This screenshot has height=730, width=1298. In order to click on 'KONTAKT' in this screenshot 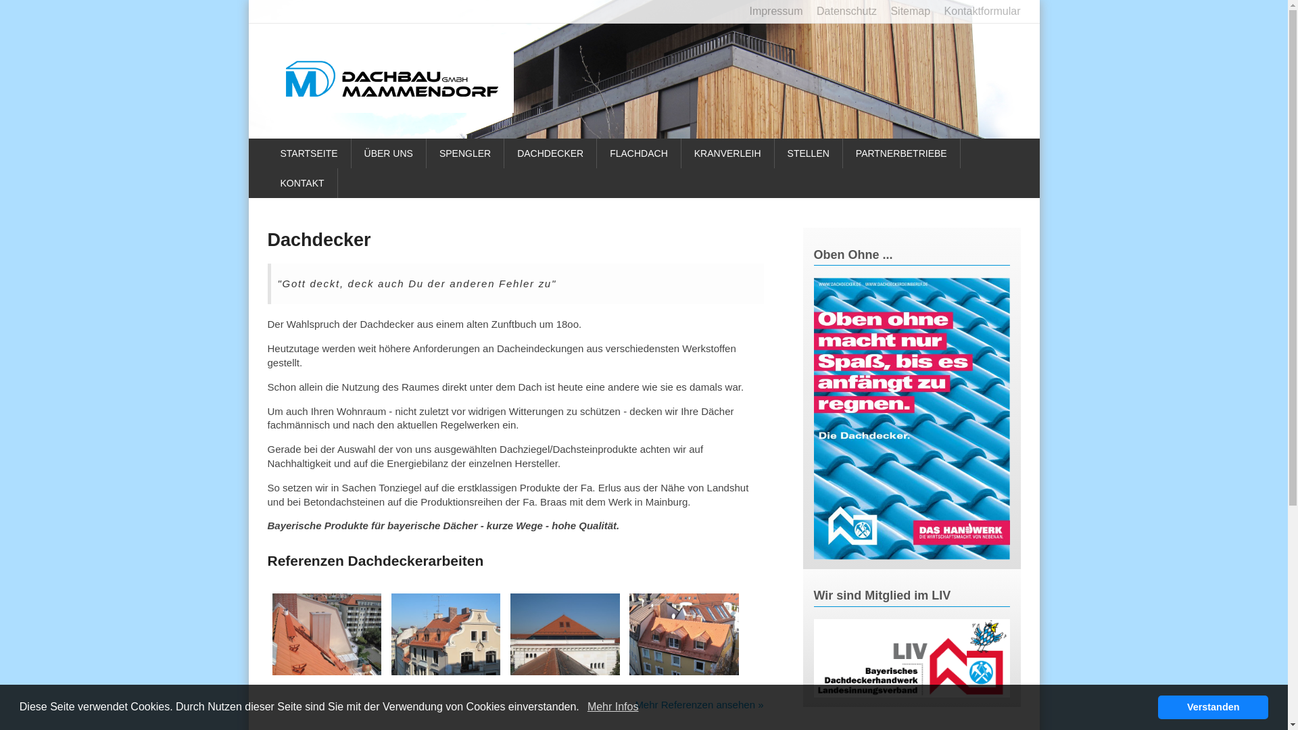, I will do `click(302, 182)`.